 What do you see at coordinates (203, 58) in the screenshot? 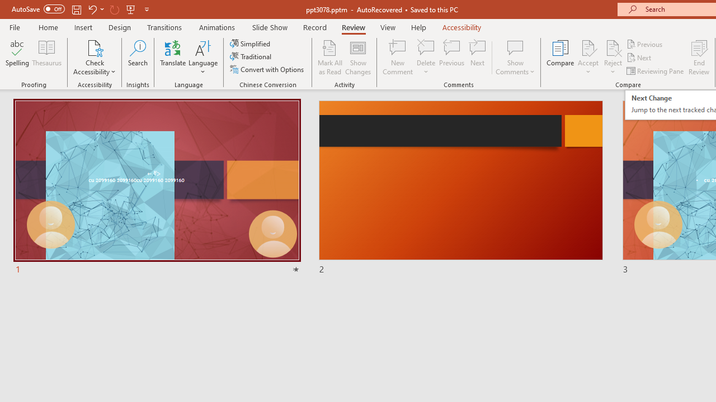
I see `'Language'` at bounding box center [203, 58].